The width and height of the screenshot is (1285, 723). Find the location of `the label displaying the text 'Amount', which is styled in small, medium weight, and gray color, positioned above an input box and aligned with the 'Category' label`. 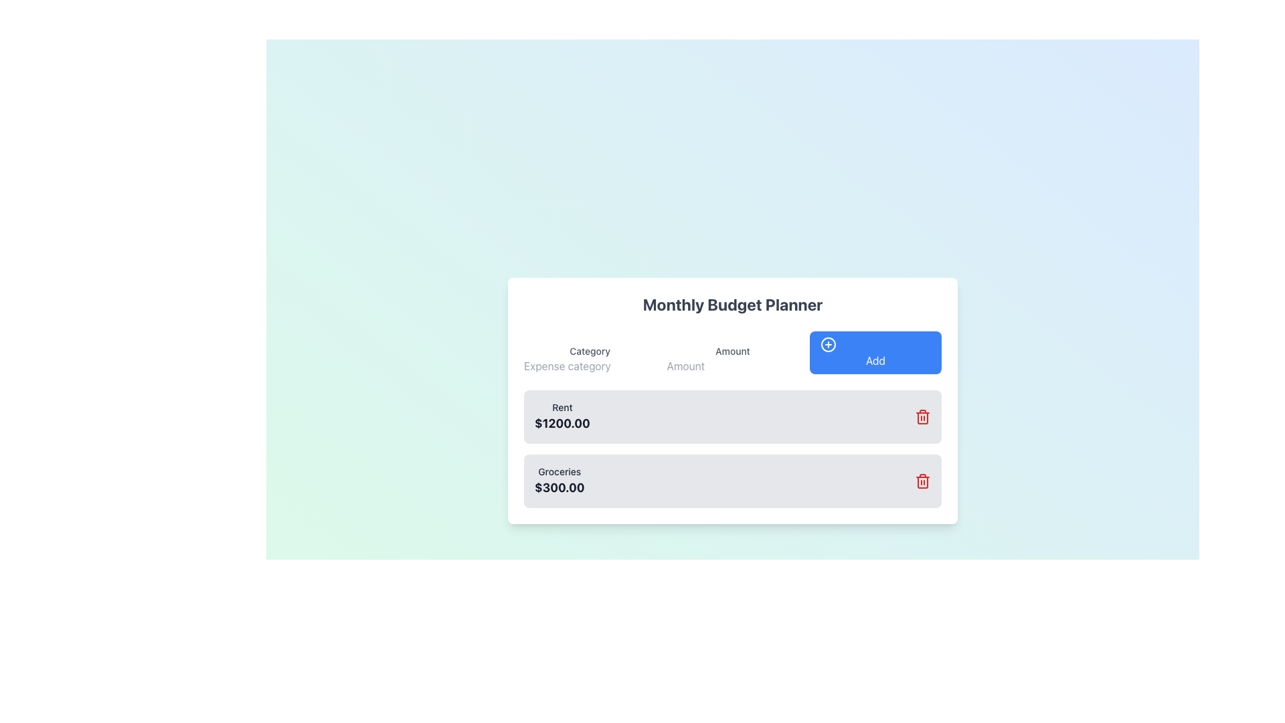

the label displaying the text 'Amount', which is styled in small, medium weight, and gray color, positioned above an input box and aligned with the 'Category' label is located at coordinates (732, 350).